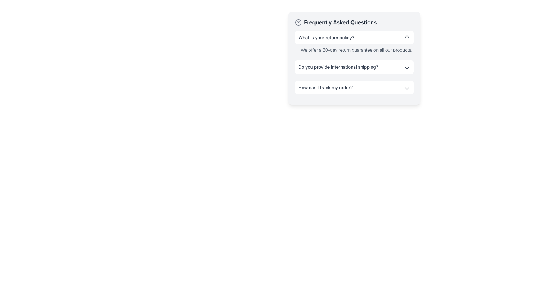 This screenshot has width=540, height=303. Describe the element at coordinates (354, 22) in the screenshot. I see `the Text Heading with Icon that reads 'Frequently Asked Questions', which features a bold, extra-large font and a question mark icon to the left` at that location.